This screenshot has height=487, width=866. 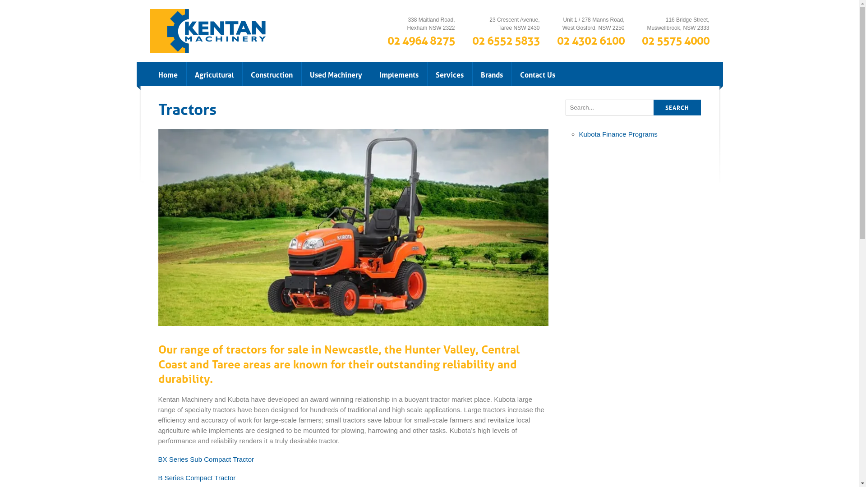 What do you see at coordinates (675, 39) in the screenshot?
I see `'02 5575 4000'` at bounding box center [675, 39].